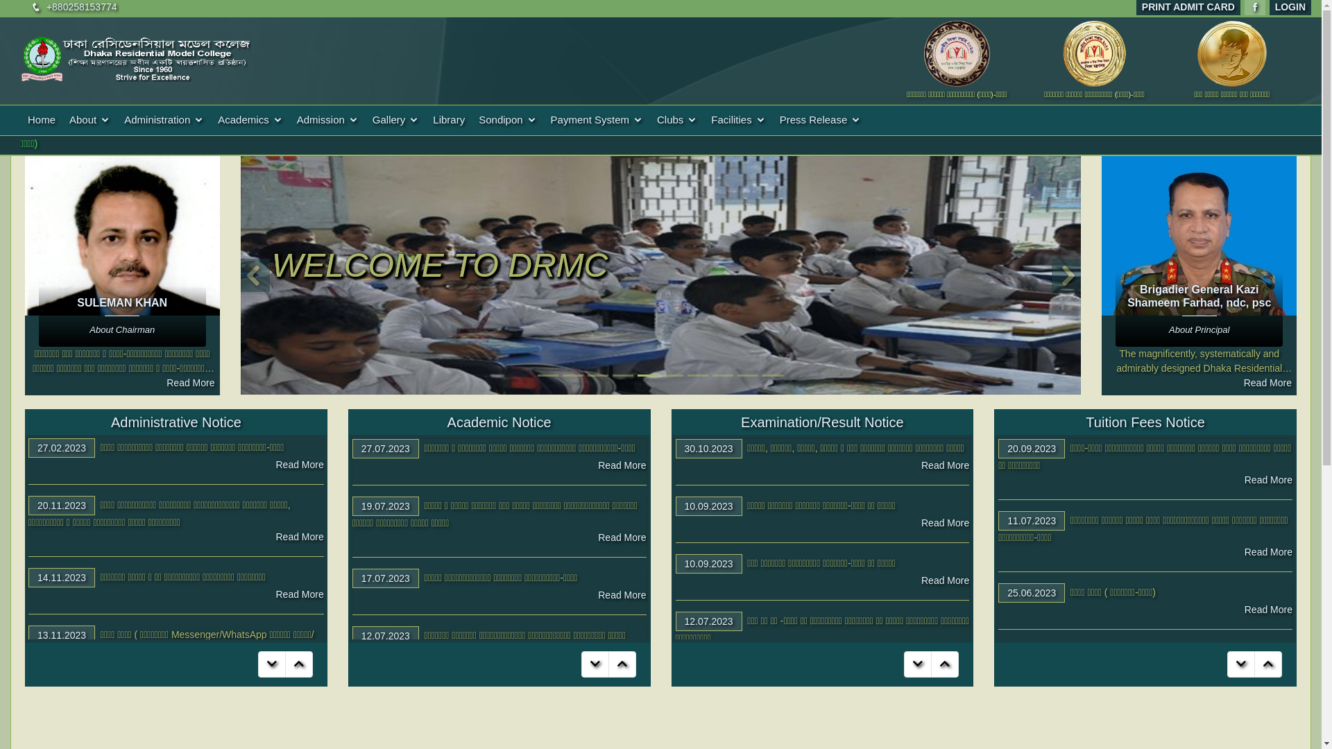 The width and height of the screenshot is (1332, 749). Describe the element at coordinates (820, 119) in the screenshot. I see `'Press Release'` at that location.